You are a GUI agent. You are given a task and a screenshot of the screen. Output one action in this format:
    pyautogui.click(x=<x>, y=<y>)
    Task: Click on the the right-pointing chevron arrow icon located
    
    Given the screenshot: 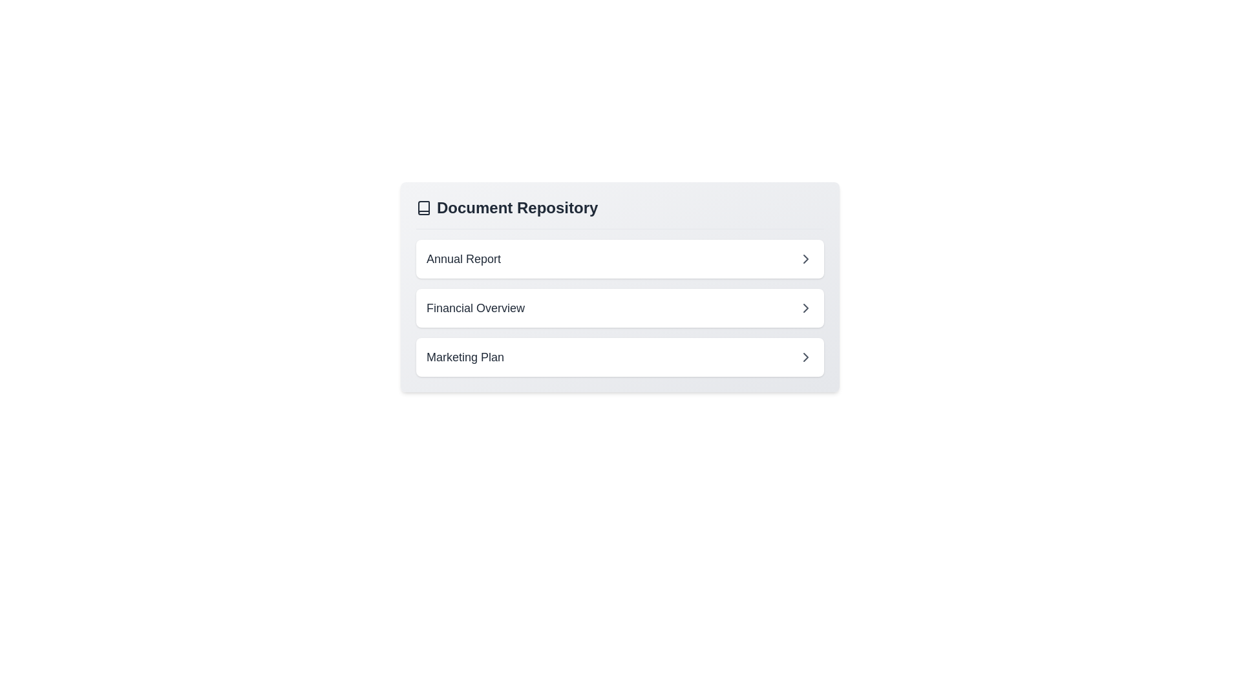 What is the action you would take?
    pyautogui.click(x=805, y=259)
    